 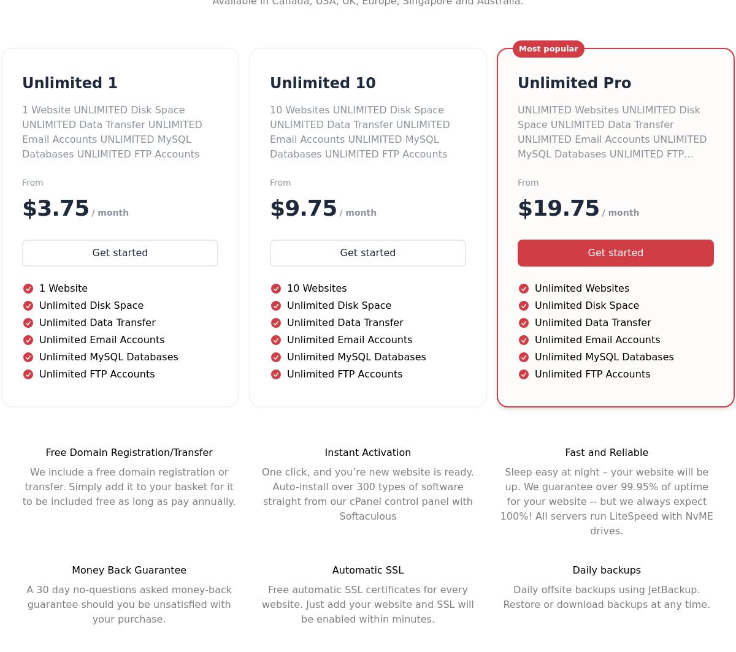 What do you see at coordinates (57, 362) in the screenshot?
I see `'+1-518-250-6427'` at bounding box center [57, 362].